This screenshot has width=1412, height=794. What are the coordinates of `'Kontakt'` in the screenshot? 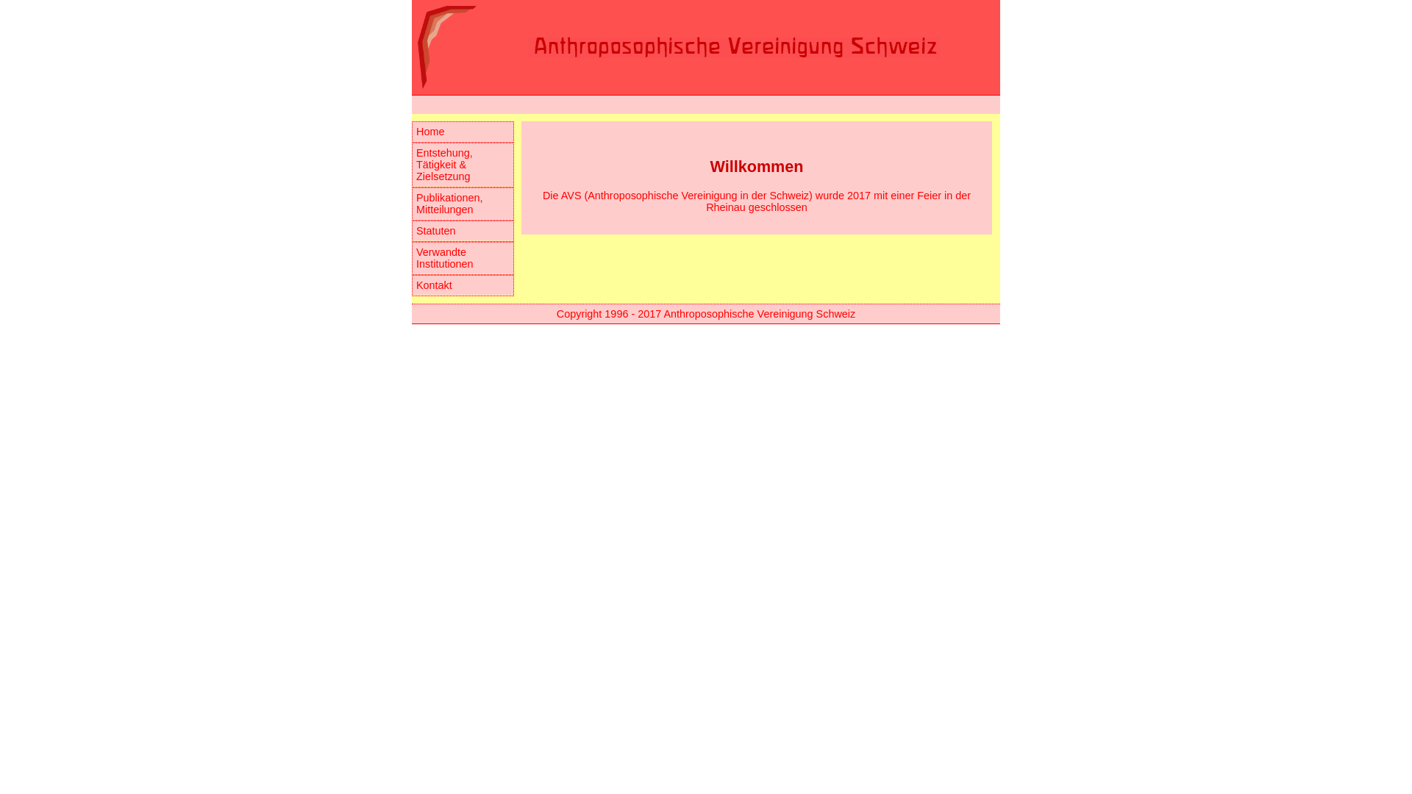 It's located at (412, 285).